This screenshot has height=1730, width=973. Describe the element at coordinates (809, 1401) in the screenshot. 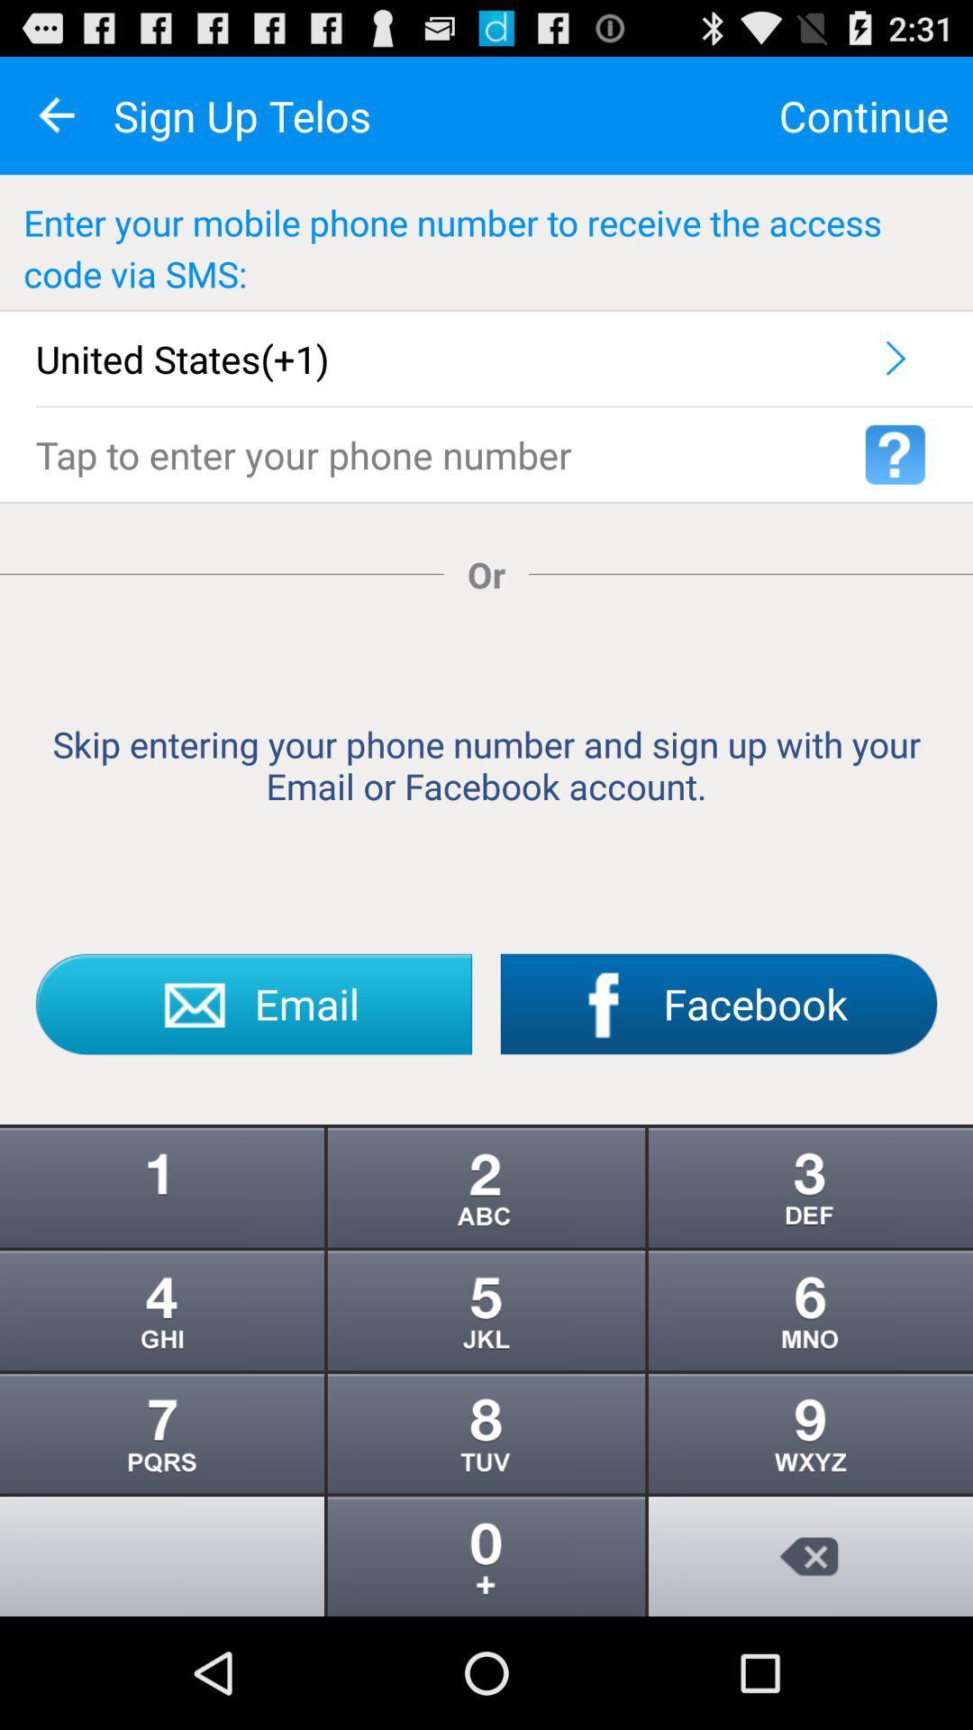

I see `the more icon` at that location.